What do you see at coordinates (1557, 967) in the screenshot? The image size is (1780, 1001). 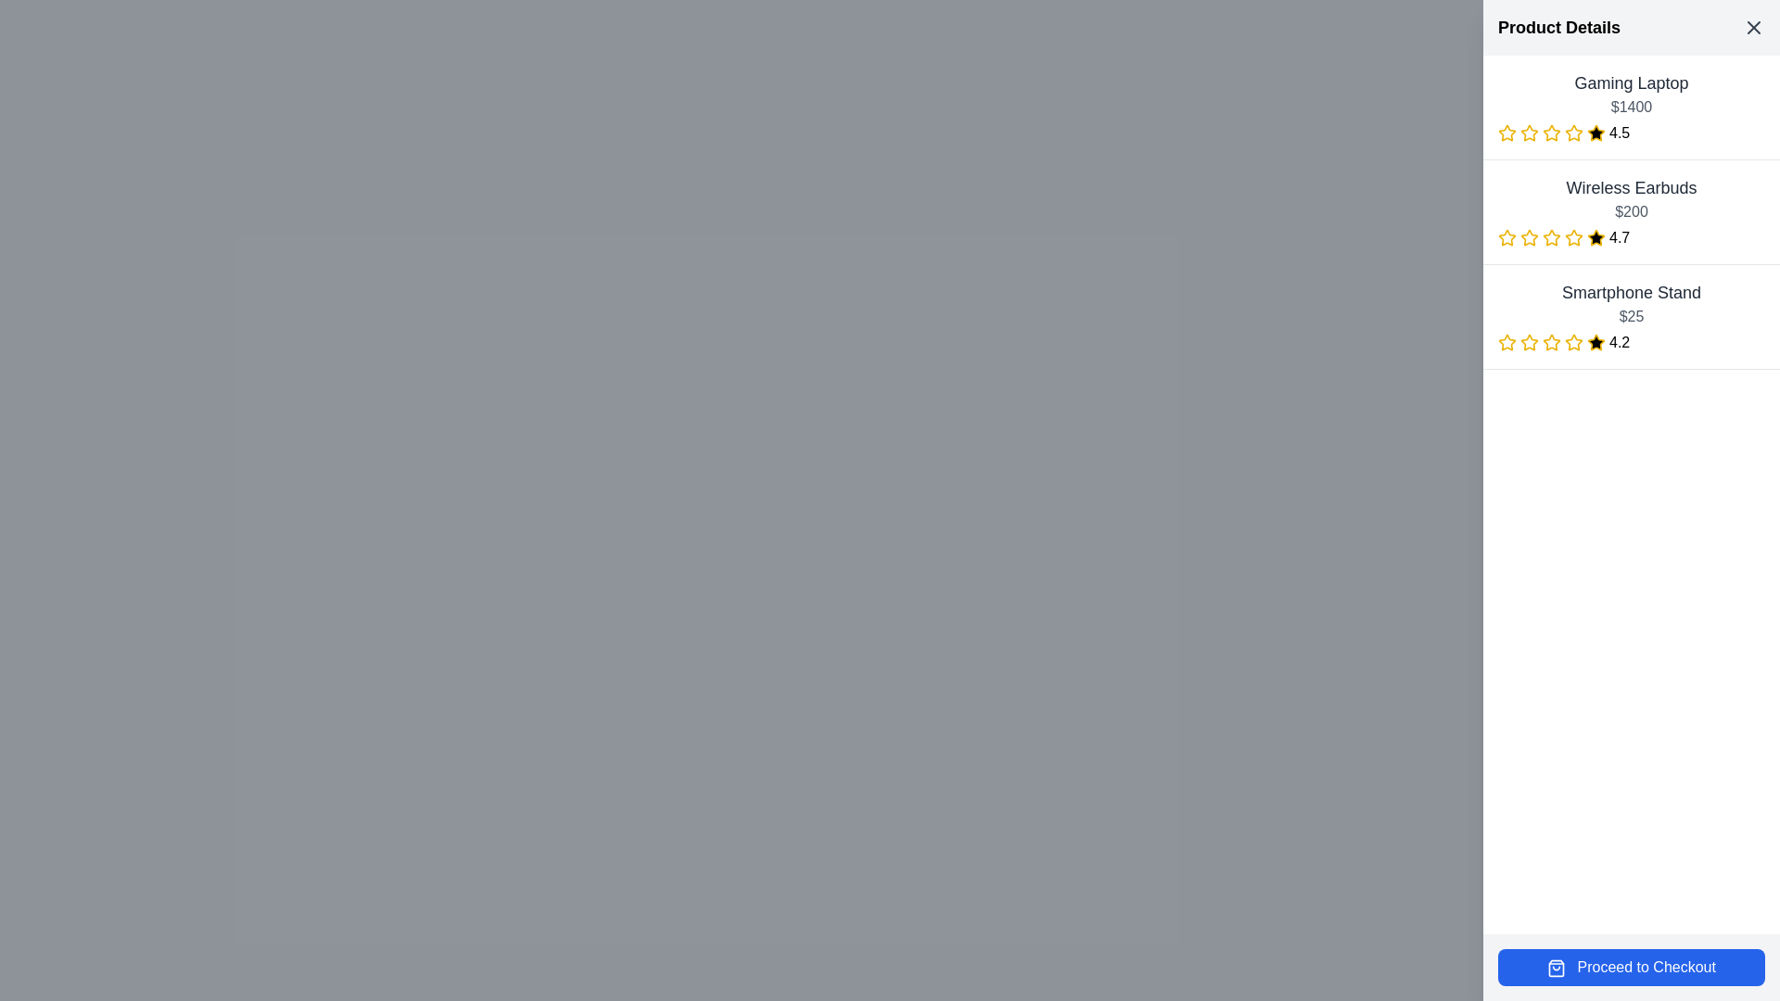 I see `the shopping bag icon located in the bottom-right corner of the user interface, which is part of the 'Proceed to Checkout' button` at bounding box center [1557, 967].